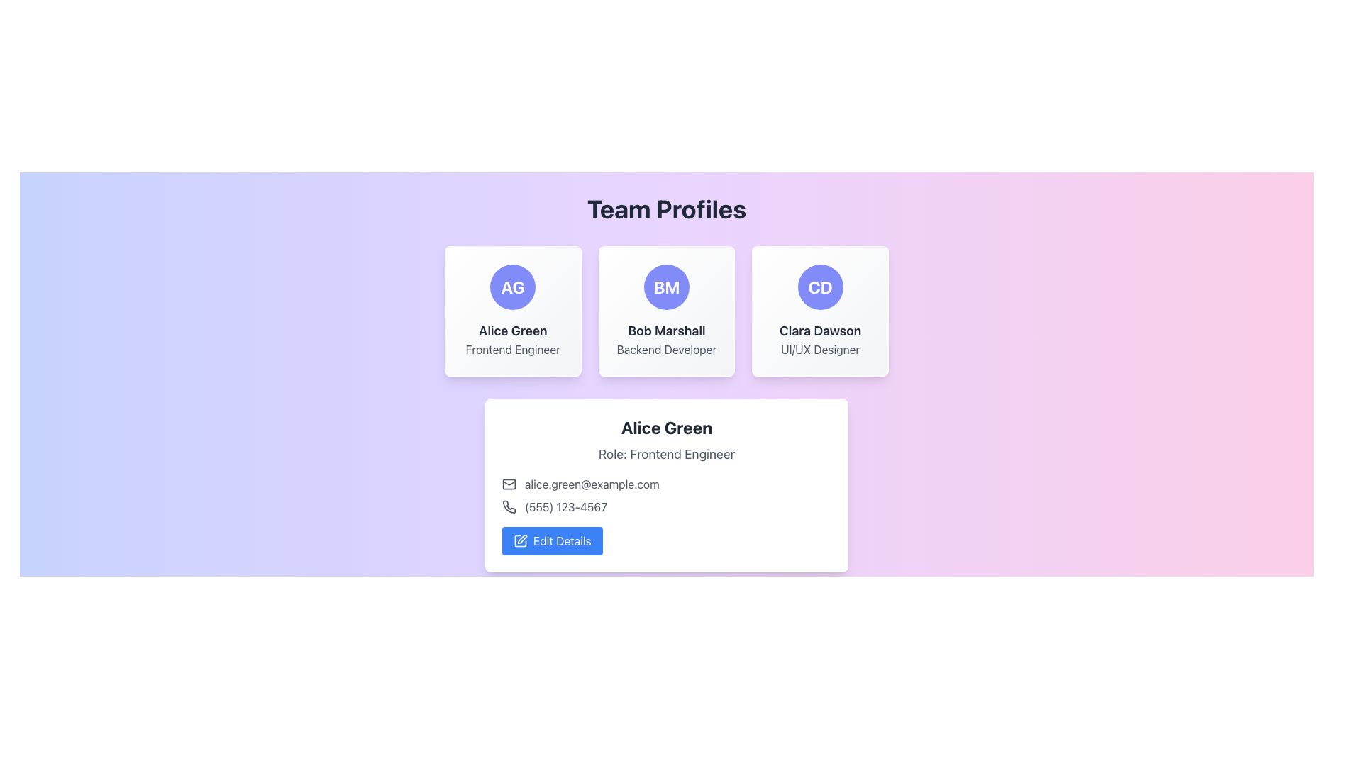 The height and width of the screenshot is (766, 1362). What do you see at coordinates (512, 350) in the screenshot?
I see `the static text label displaying the title 'Frontend Engineer' located below the name 'Alice Green' in the user profile card` at bounding box center [512, 350].